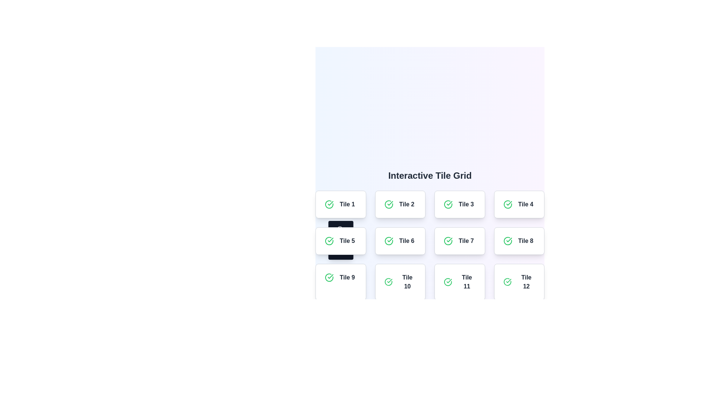  Describe the element at coordinates (400, 282) in the screenshot. I see `the element containing the text 'Tile 10' styled in bold, which is located` at that location.